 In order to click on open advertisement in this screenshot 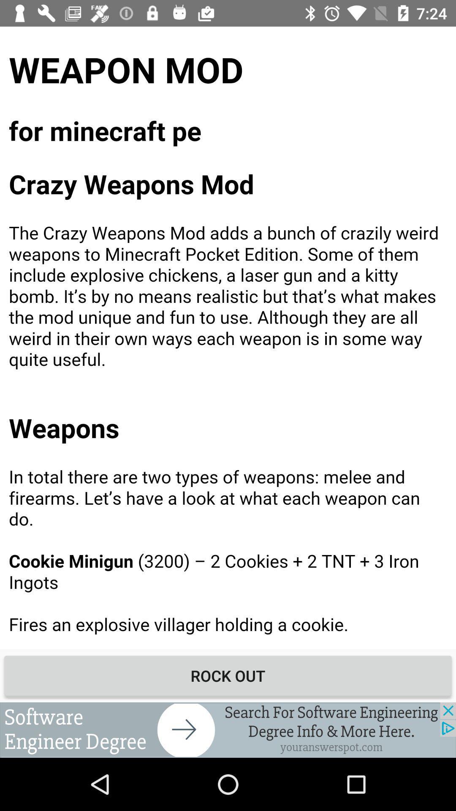, I will do `click(228, 729)`.